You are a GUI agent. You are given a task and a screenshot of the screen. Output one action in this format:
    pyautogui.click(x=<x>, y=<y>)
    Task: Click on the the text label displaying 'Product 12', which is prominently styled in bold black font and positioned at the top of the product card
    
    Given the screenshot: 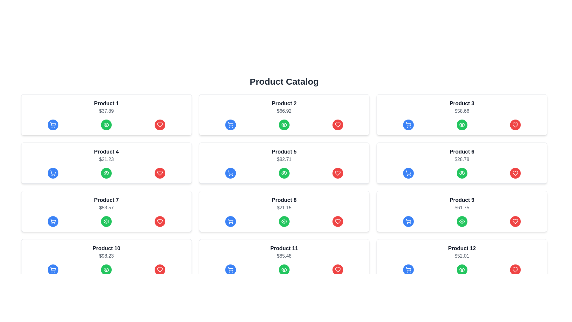 What is the action you would take?
    pyautogui.click(x=461, y=248)
    